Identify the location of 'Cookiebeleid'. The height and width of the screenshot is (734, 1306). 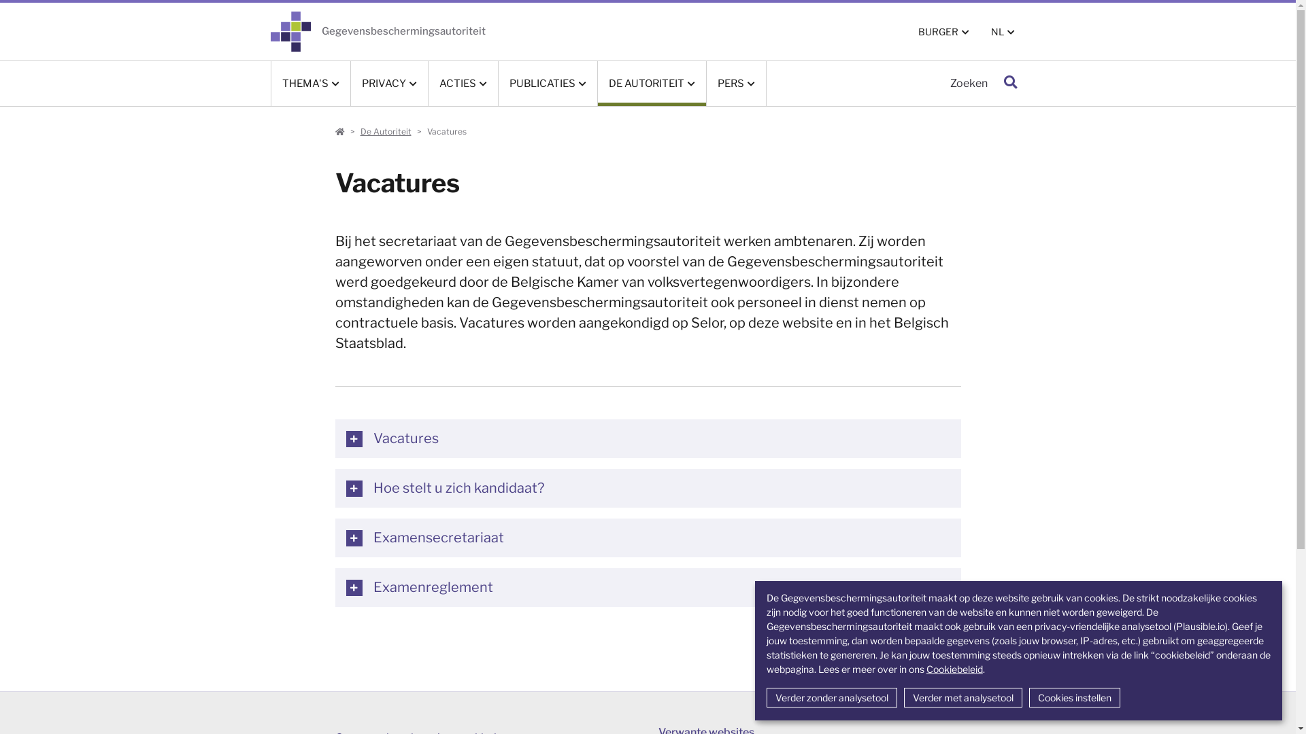
(926, 668).